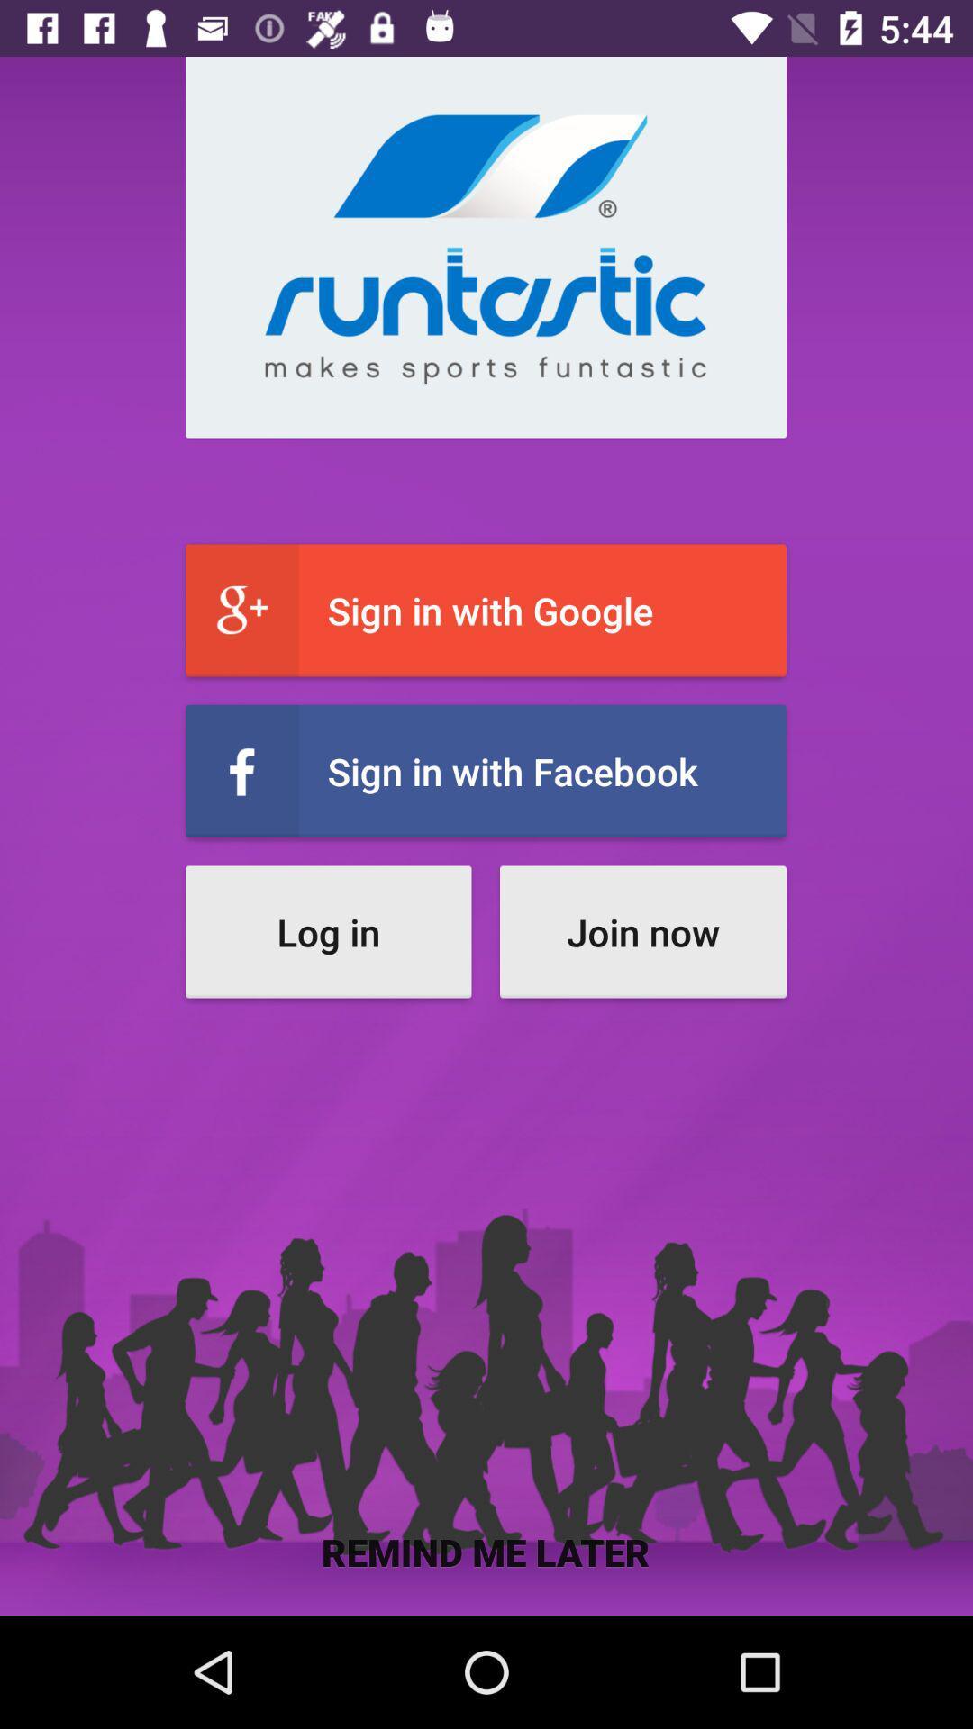 The width and height of the screenshot is (973, 1729). What do you see at coordinates (641, 932) in the screenshot?
I see `the item to the right of log in` at bounding box center [641, 932].